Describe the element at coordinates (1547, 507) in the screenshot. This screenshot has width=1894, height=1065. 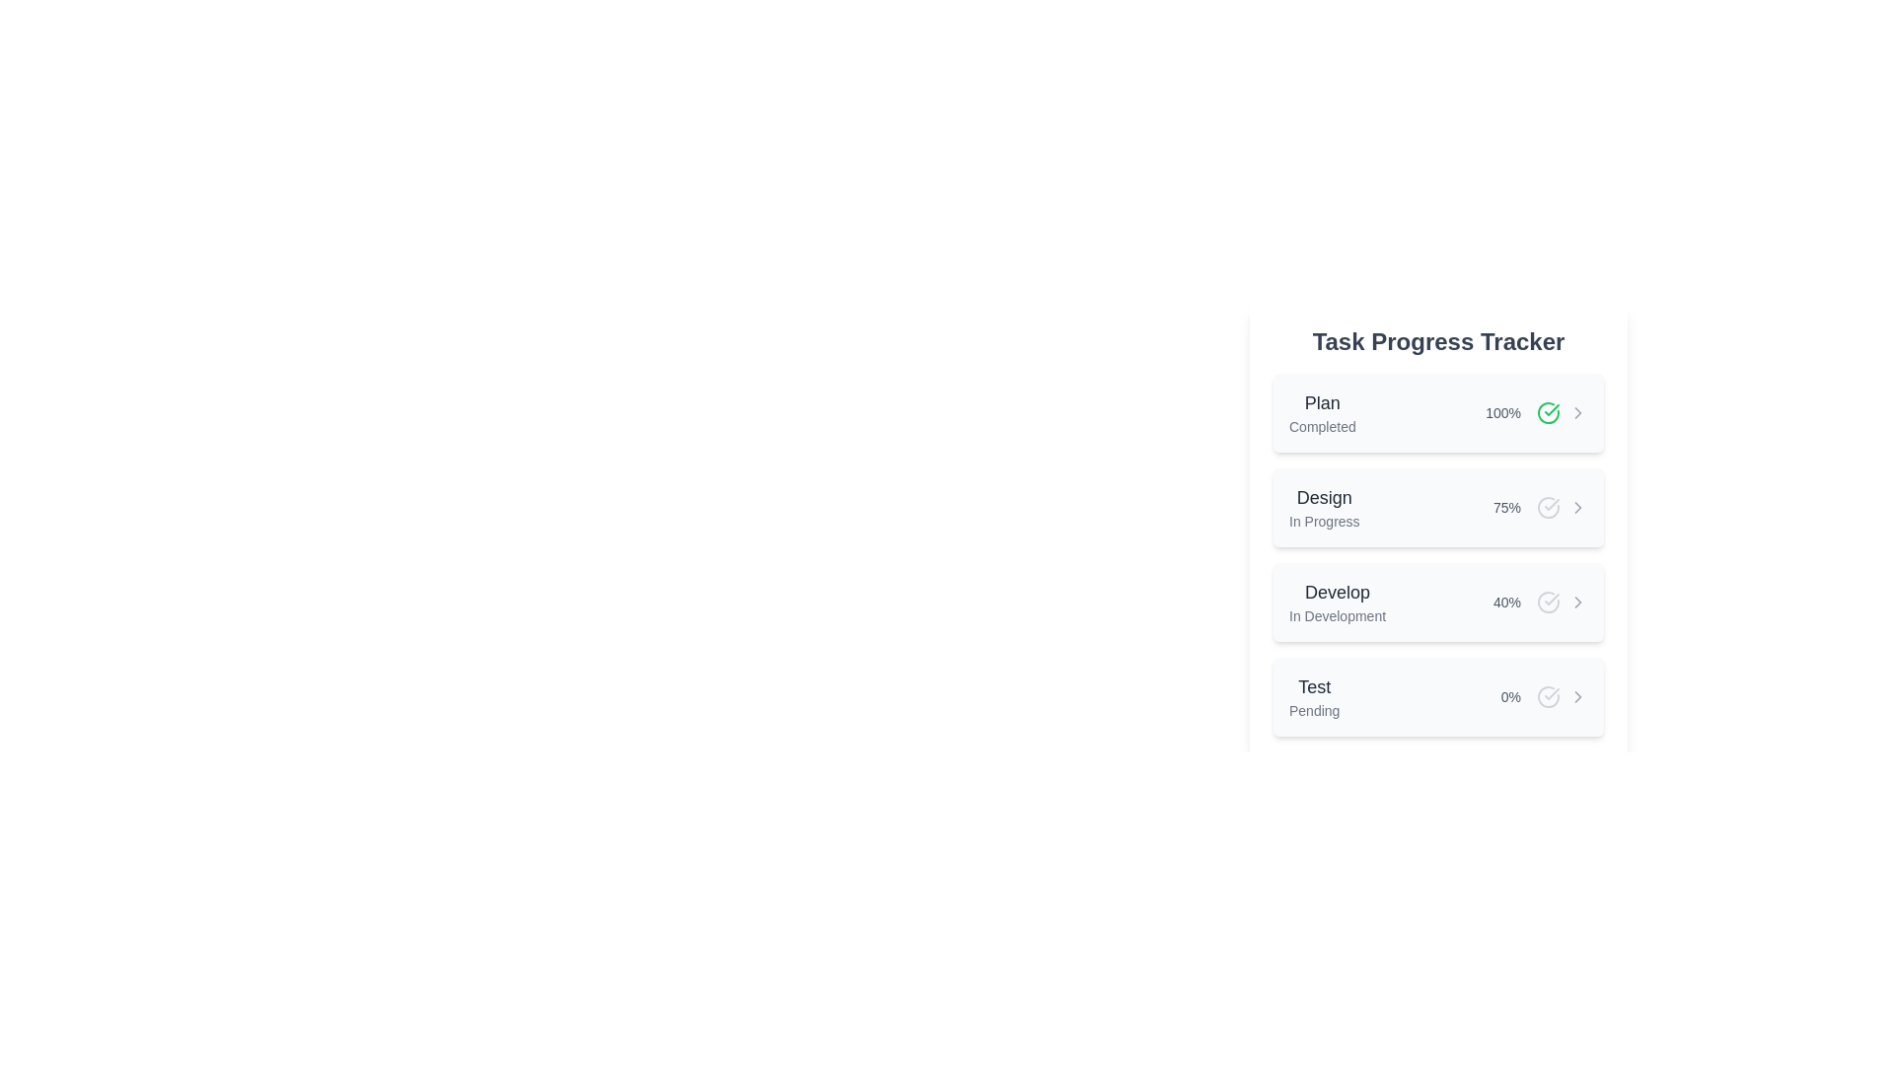
I see `the circular icon with a check mark inside, located in the 'Design' section, to mark progress` at that location.